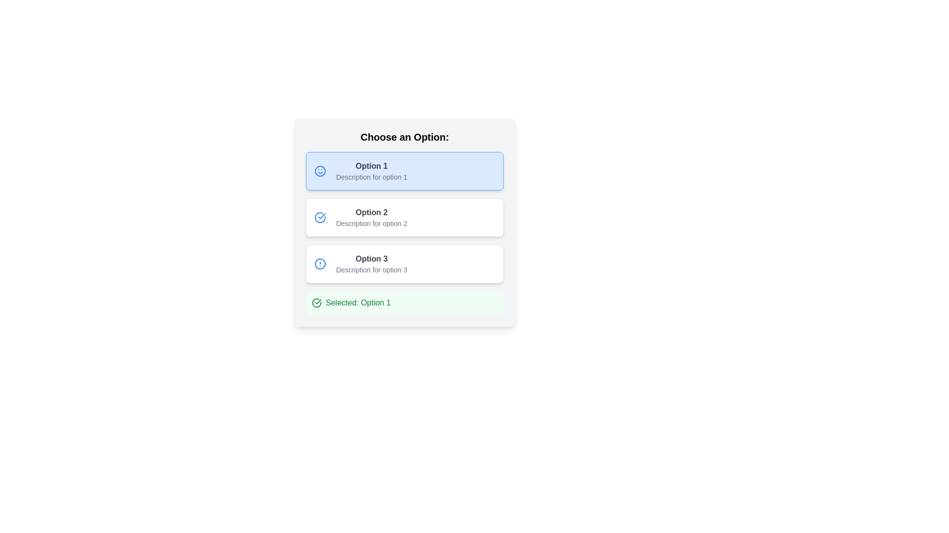 This screenshot has width=949, height=533. Describe the element at coordinates (320, 217) in the screenshot. I see `the thin circular arc of the icon that is part of a visual grouping, located adjacent to the text 'Option 2'` at that location.